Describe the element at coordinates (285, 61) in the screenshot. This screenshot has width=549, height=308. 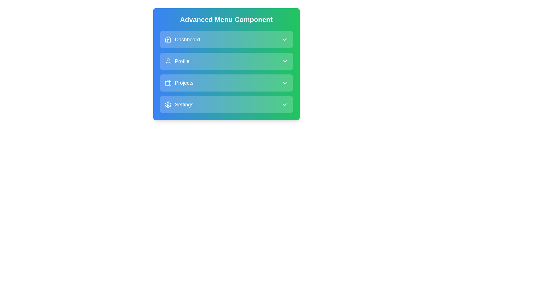
I see `the downward chevron icon next to the 'Profile' label` at that location.